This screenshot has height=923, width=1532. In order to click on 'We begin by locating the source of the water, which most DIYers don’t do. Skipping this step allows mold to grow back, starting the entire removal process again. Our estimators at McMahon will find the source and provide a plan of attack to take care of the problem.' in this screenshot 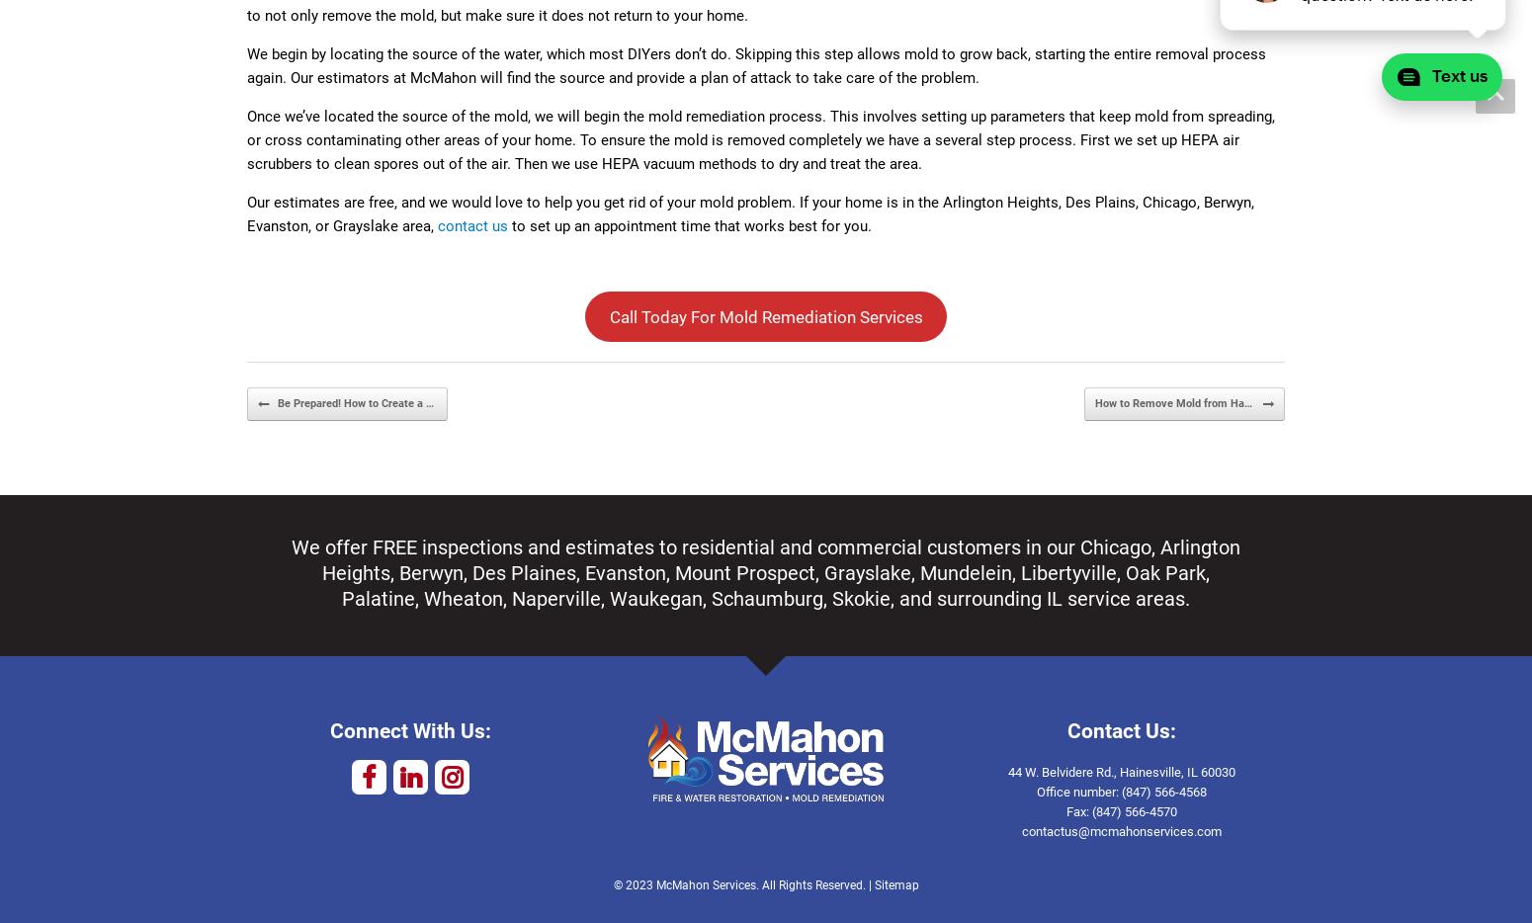, I will do `click(756, 65)`.